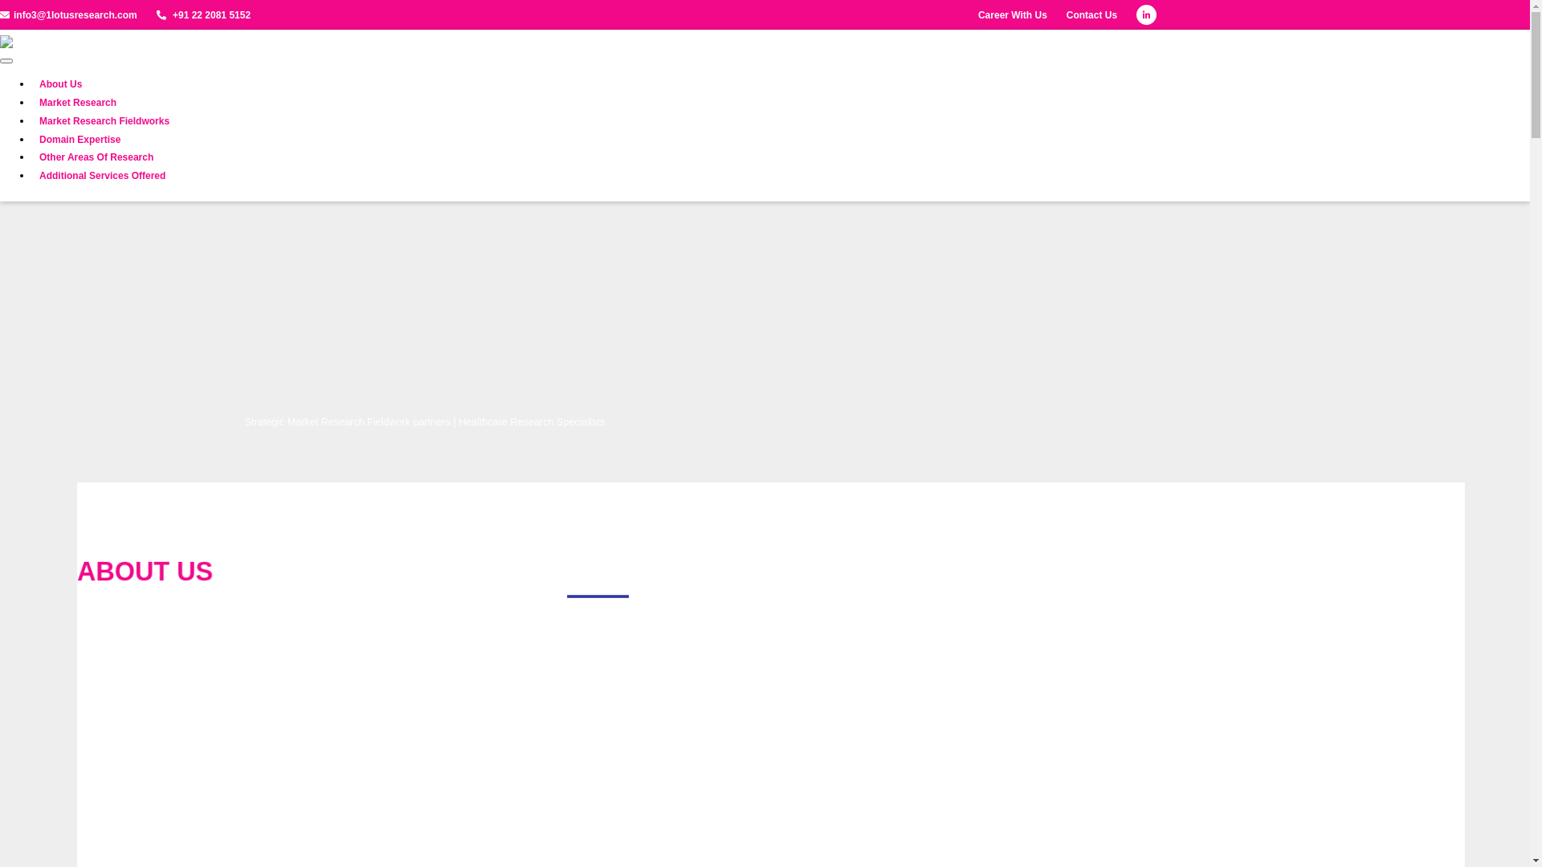 The height and width of the screenshot is (867, 1542). Describe the element at coordinates (39, 139) in the screenshot. I see `'Domain Expertise'` at that location.